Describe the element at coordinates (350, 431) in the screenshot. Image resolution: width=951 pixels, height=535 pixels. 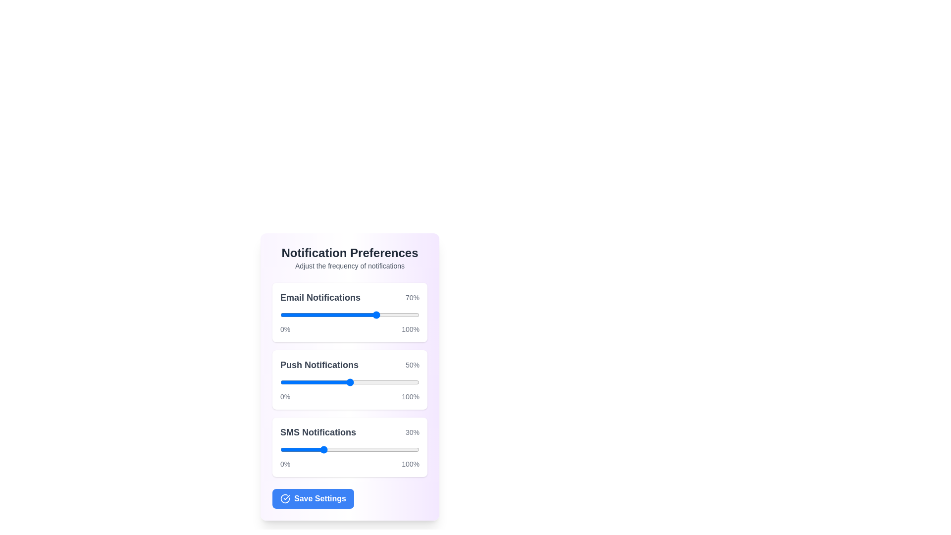
I see `the 'SMS Notifications' label with the percentage value '30%' within the 'Notification Preferences' card, which is the third option below 'Push Notifications'` at that location.